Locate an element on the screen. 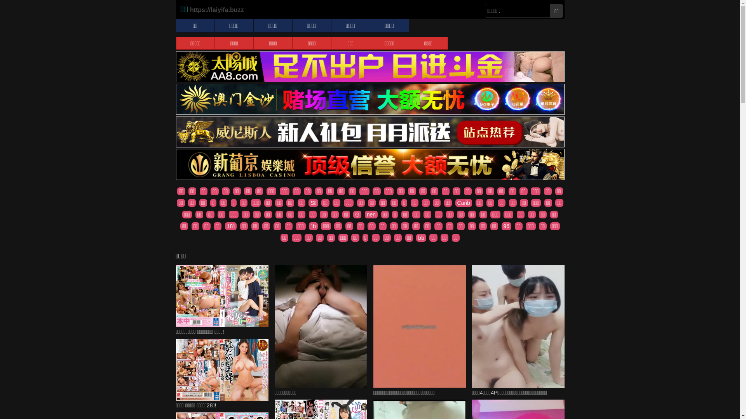 The image size is (746, 419). '96' is located at coordinates (502, 226).